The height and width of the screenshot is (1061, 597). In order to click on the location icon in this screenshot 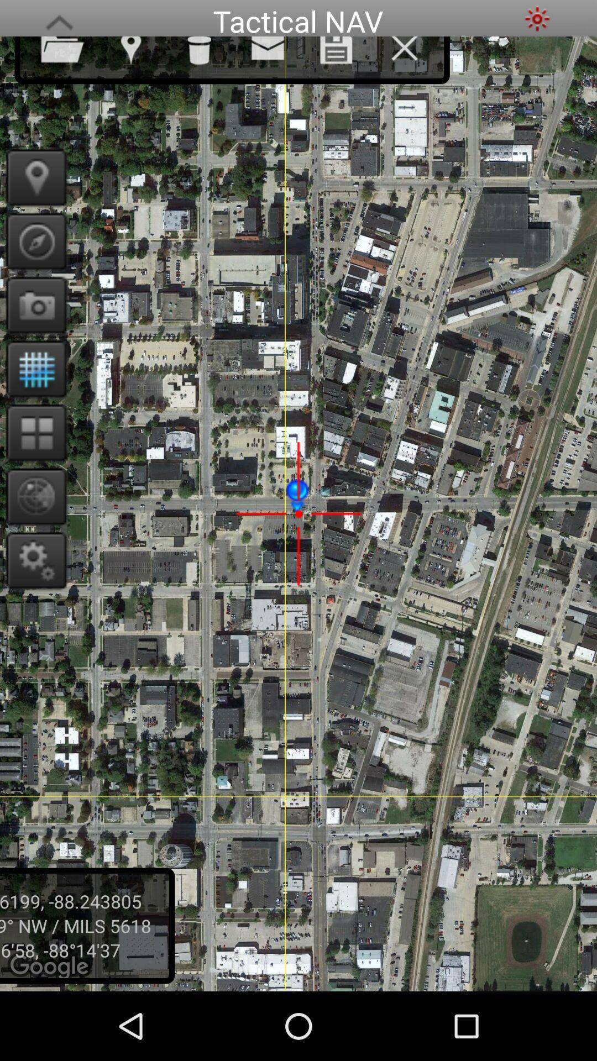, I will do `click(32, 190)`.